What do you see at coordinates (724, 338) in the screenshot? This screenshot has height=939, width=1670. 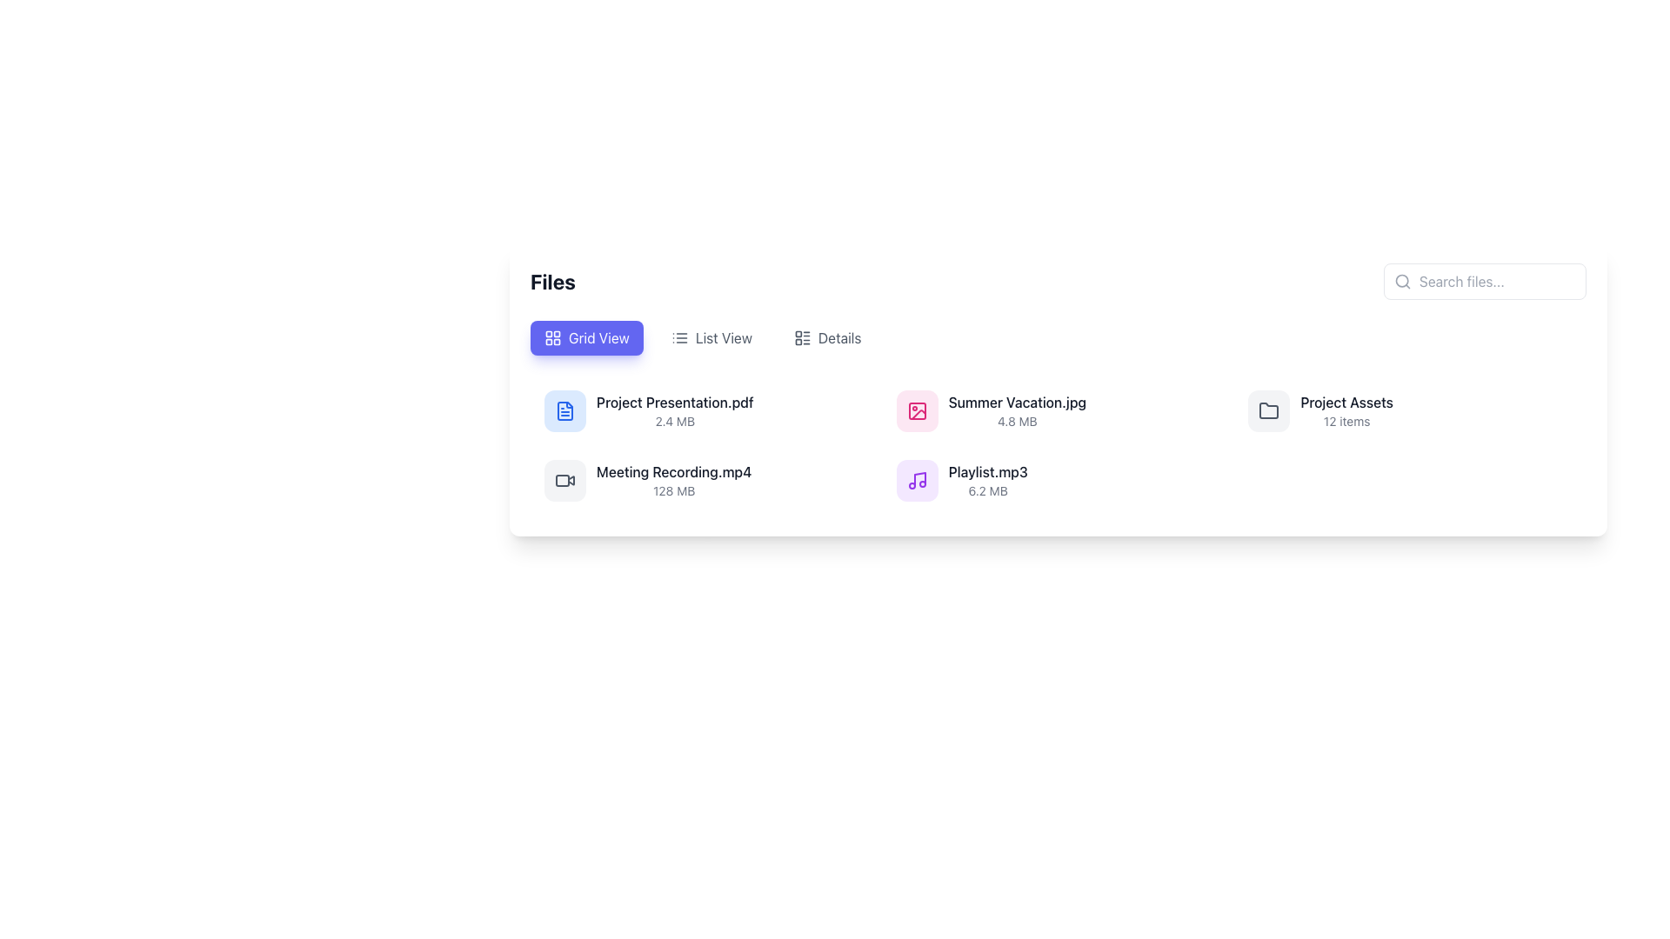 I see `the 'List View' Text button, which is styled with a clean, sans-serif font in gray and is located in the navigation bar between 'Grid View' and 'Details'` at bounding box center [724, 338].